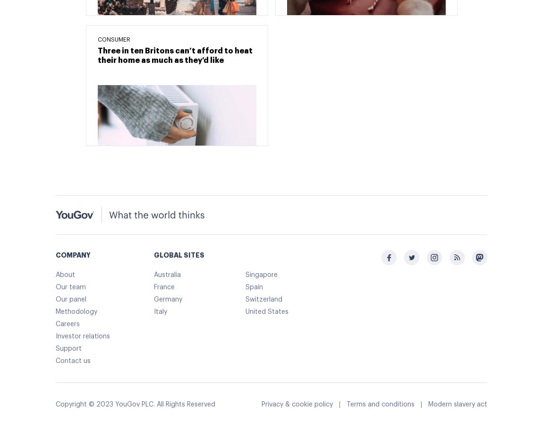 The height and width of the screenshot is (432, 543). Describe the element at coordinates (73, 361) in the screenshot. I see `'Contact us'` at that location.